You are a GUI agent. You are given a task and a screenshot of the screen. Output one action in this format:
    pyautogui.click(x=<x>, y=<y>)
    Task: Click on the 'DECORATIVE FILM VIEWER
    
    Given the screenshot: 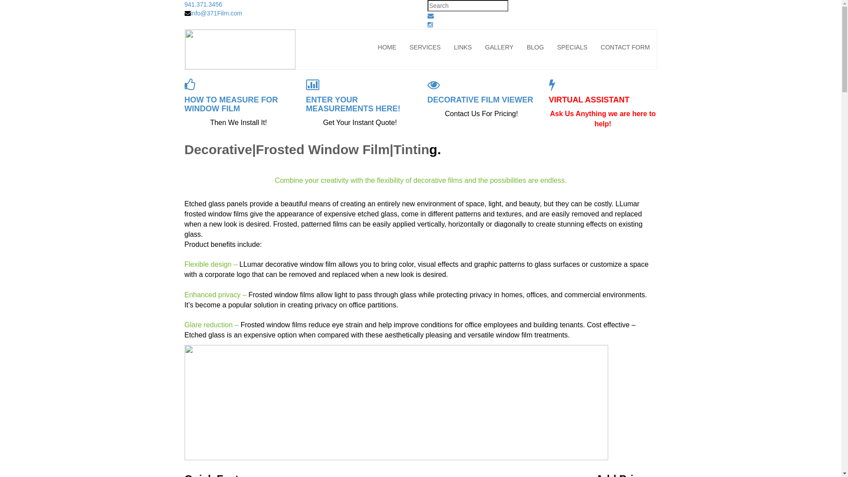 What is the action you would take?
    pyautogui.click(x=481, y=98)
    